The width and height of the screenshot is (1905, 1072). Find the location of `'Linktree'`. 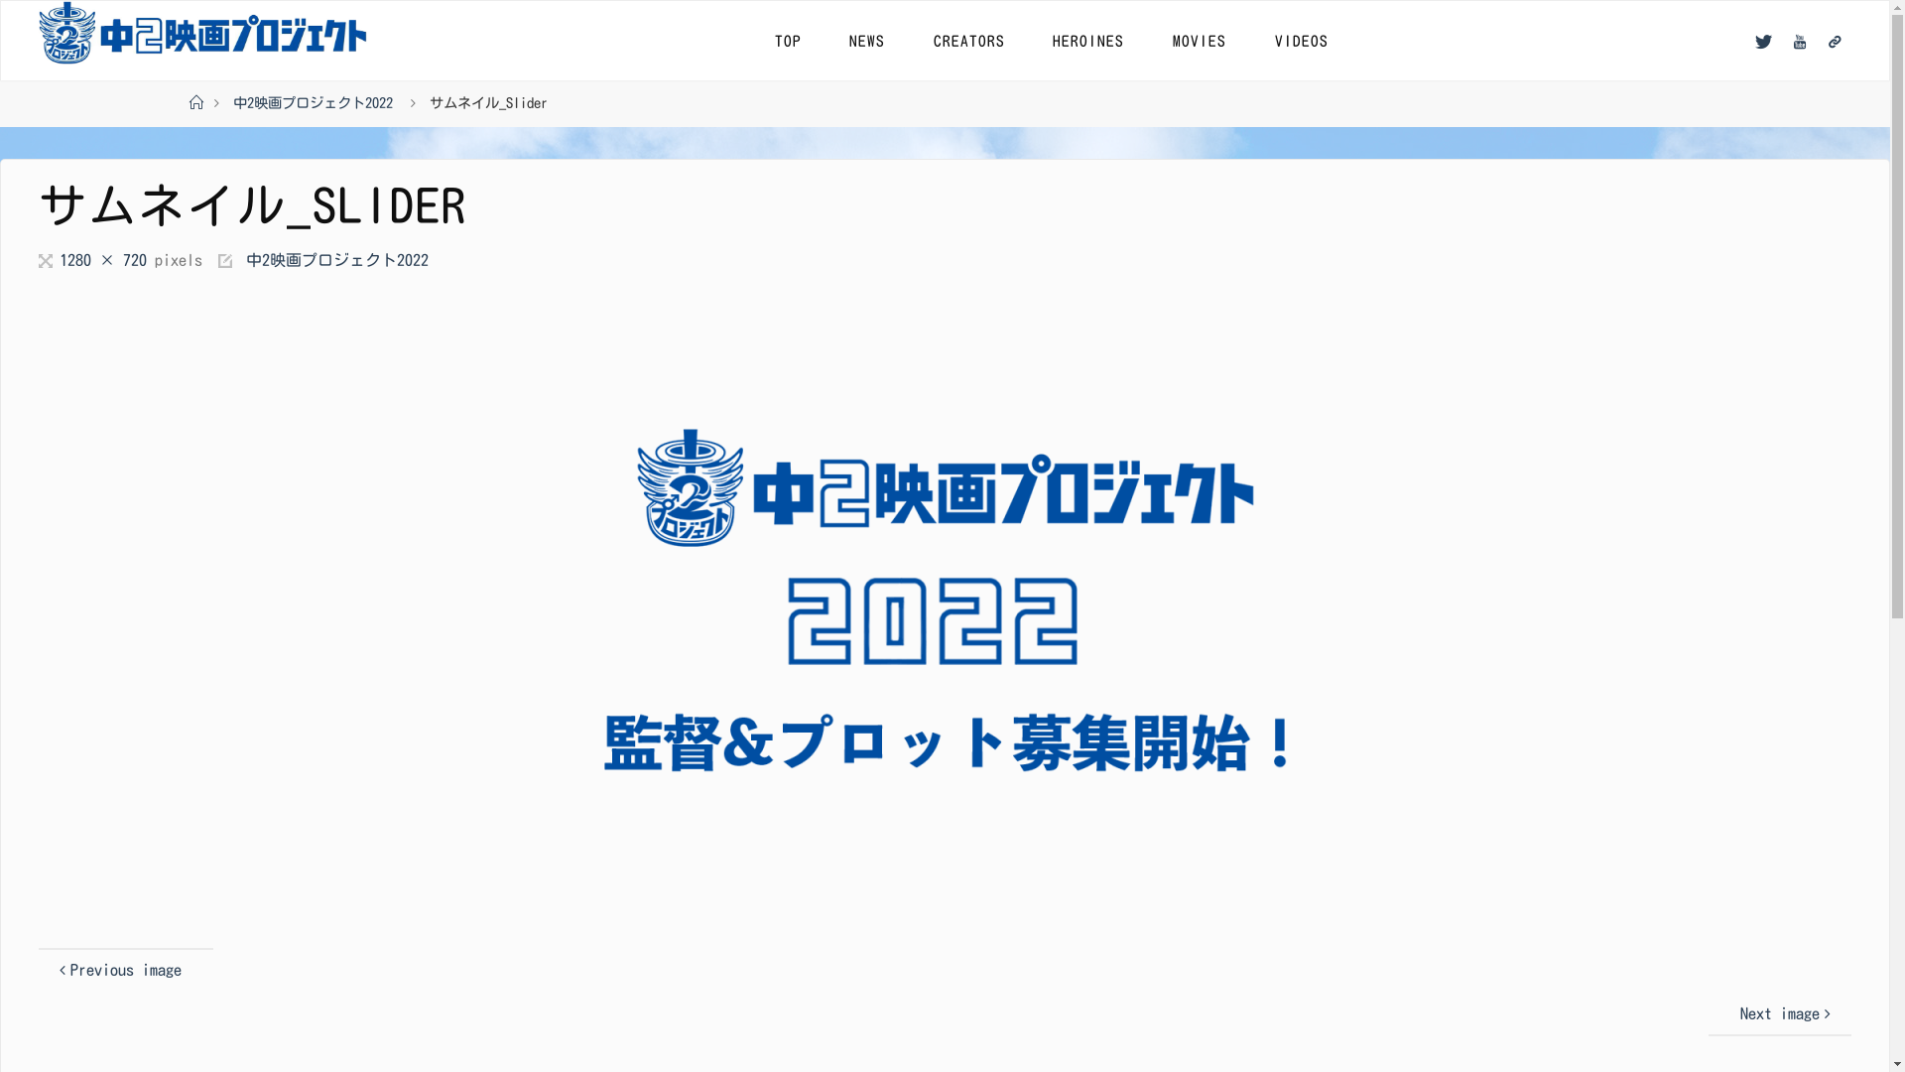

'Linktree' is located at coordinates (1818, 41).